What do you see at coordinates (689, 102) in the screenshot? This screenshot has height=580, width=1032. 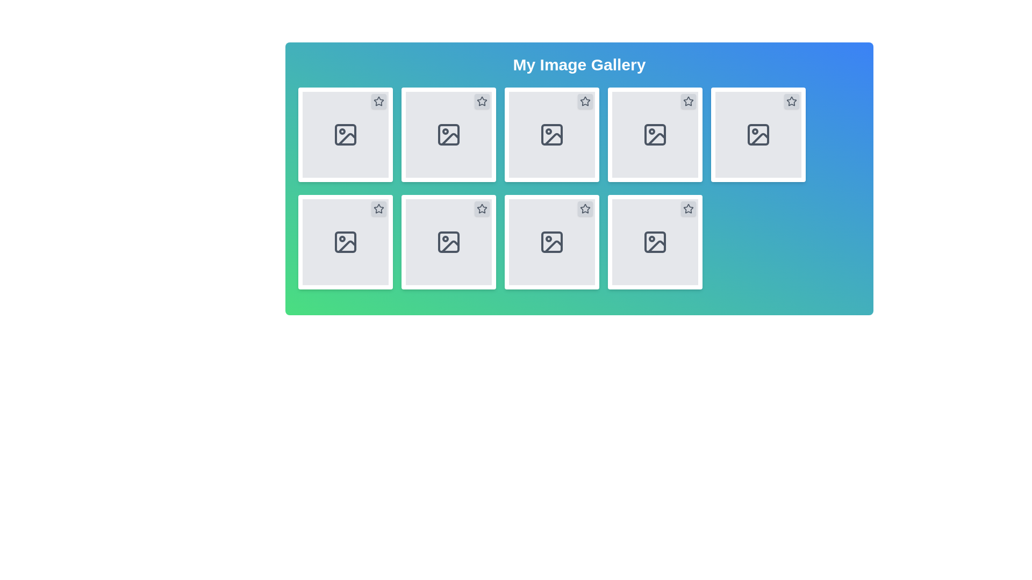 I see `the small star-shaped icon located in the top-right corner of the fourth card in the first row of the image gallery to mark the item` at bounding box center [689, 102].